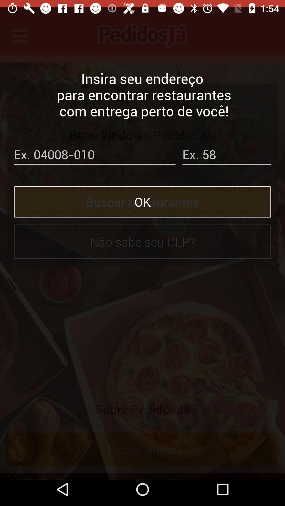 Image resolution: width=285 pixels, height=506 pixels. I want to click on icon below the buscar restaurantes, so click(142, 234).